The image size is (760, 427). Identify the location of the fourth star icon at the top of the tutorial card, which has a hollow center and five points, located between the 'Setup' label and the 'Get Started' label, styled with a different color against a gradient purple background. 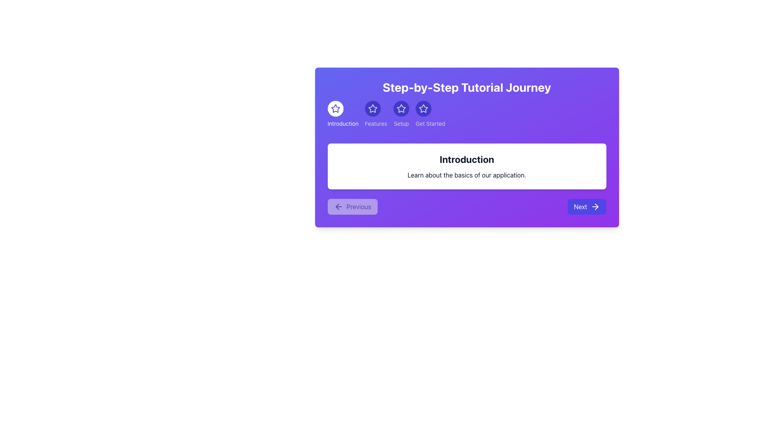
(423, 108).